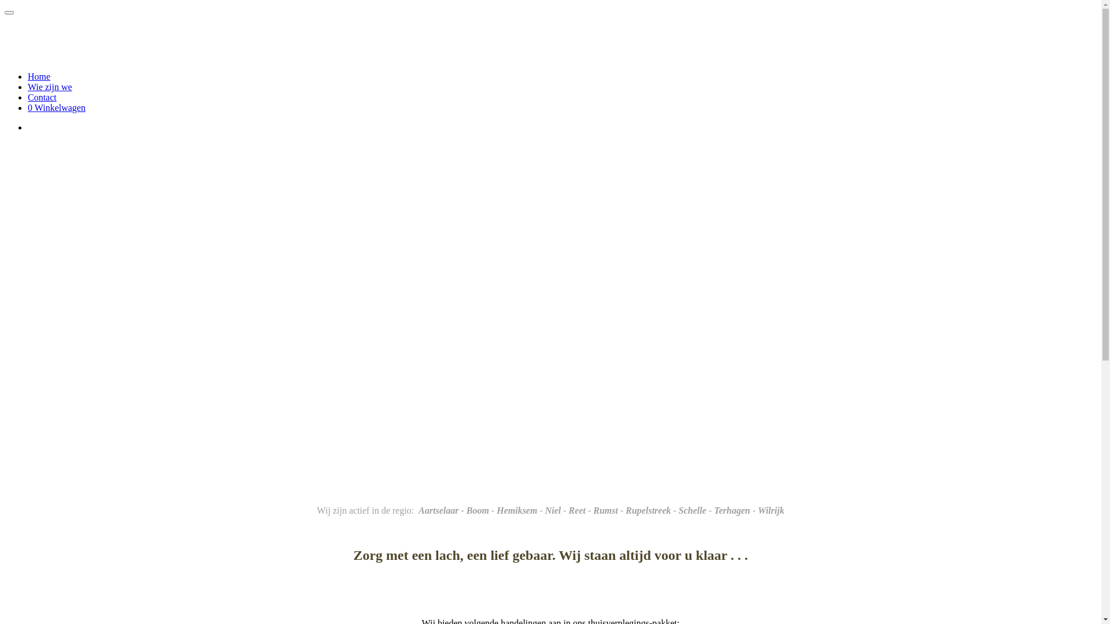  Describe the element at coordinates (55, 107) in the screenshot. I see `'0 Winkelwagen'` at that location.